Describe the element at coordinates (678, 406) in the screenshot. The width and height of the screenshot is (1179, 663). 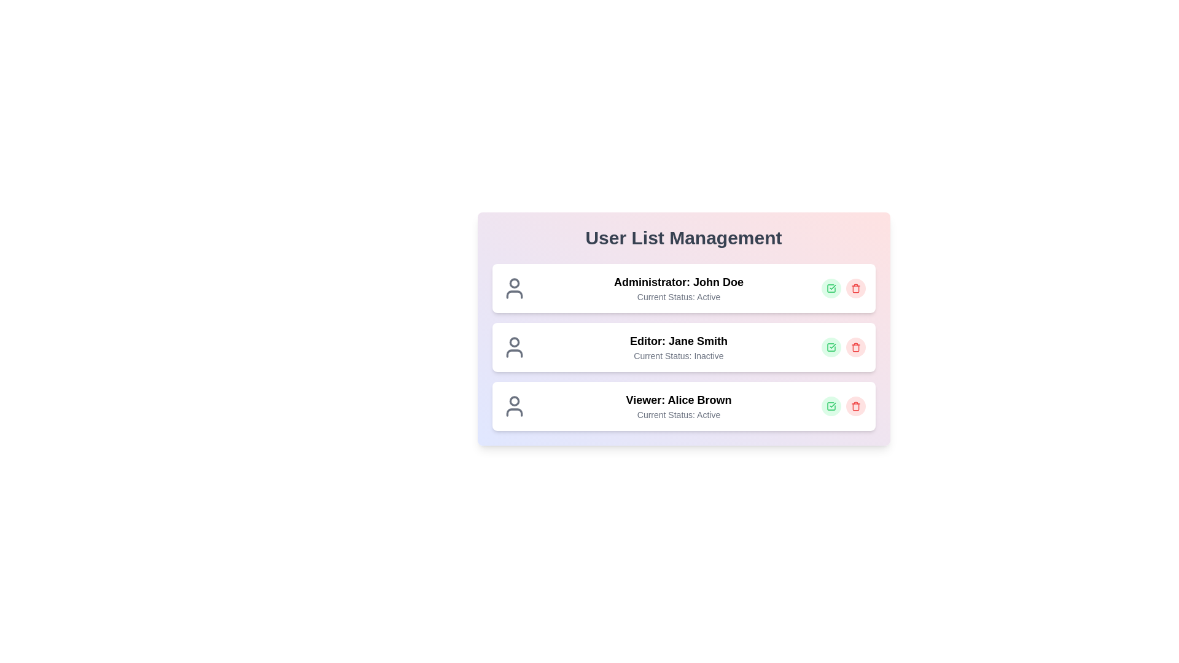
I see `text content of the user display area showing 'Viewer: Alice Brown' and their status 'Active', located in the third card of the 'User List Management' interface` at that location.